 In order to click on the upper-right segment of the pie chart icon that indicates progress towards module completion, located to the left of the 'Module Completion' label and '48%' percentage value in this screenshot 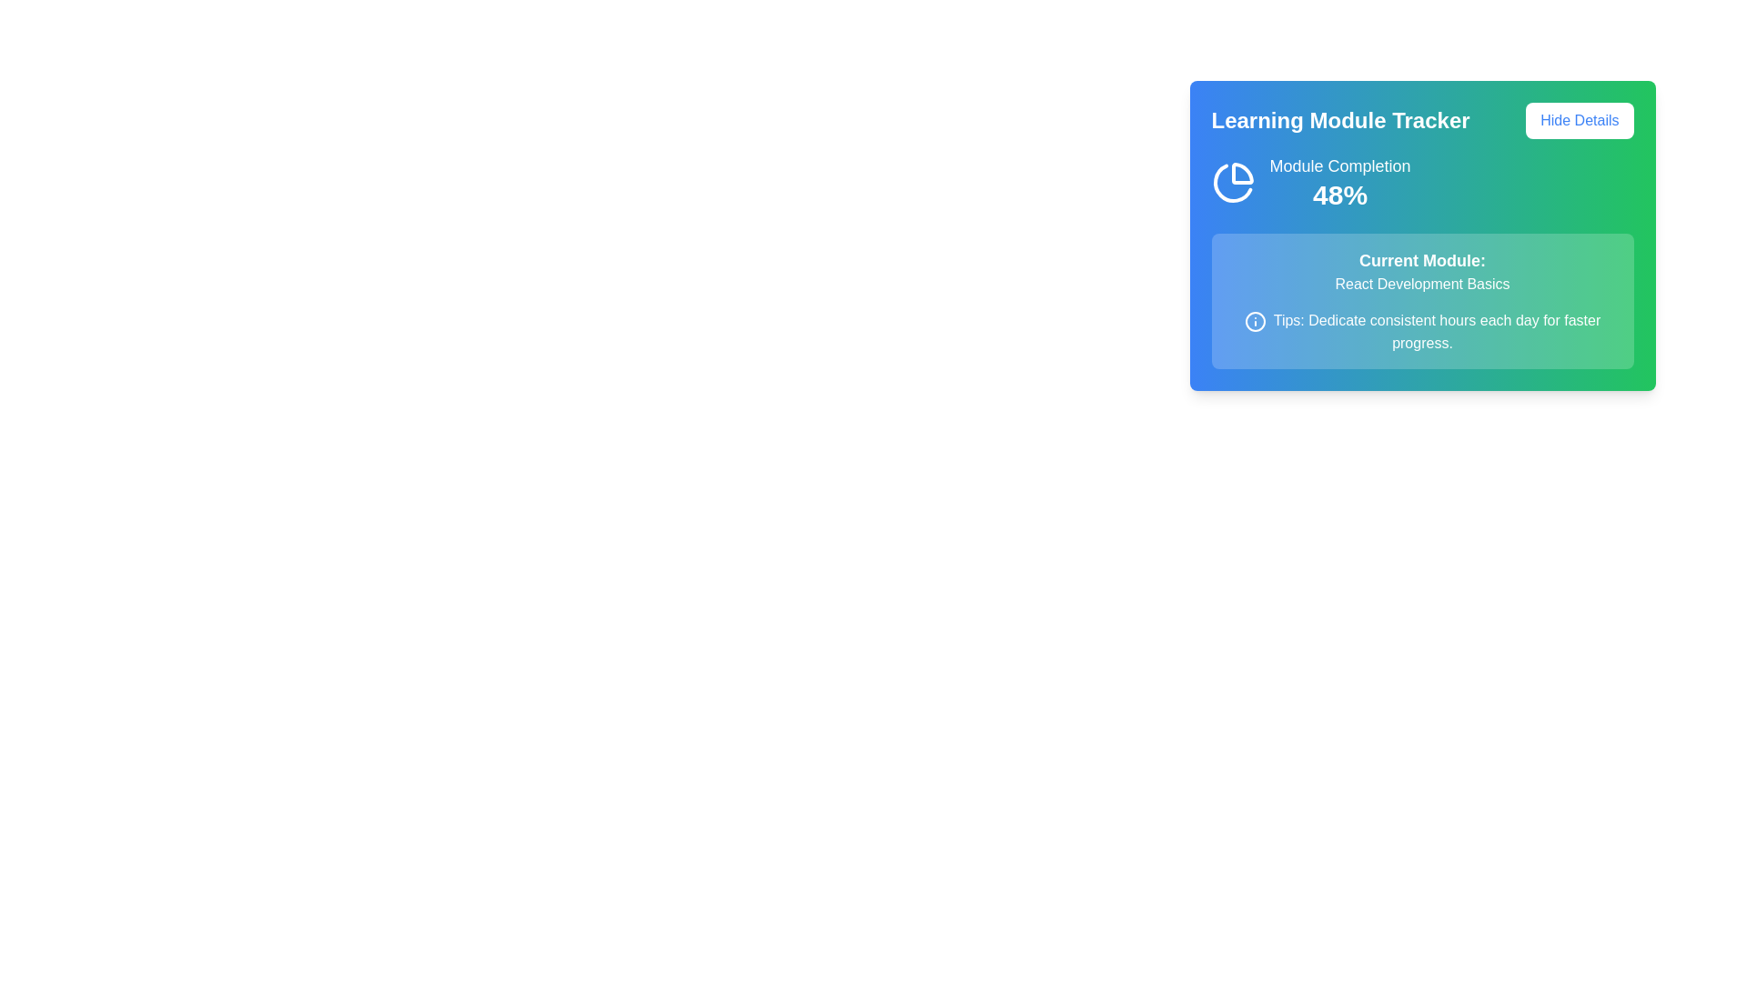, I will do `click(1241, 174)`.